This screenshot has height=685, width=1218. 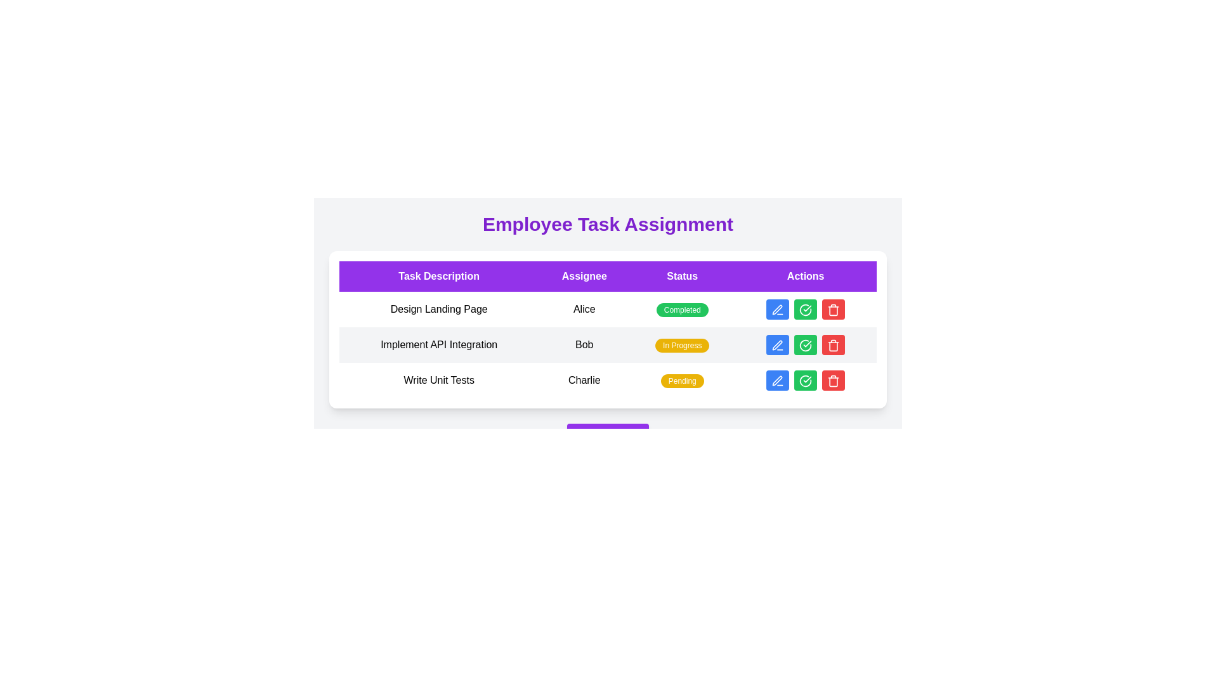 What do you see at coordinates (776, 380) in the screenshot?
I see `the pen-shaped icon representing the edit action in the 'Actions' column of the 'Write Unit Tests' row` at bounding box center [776, 380].